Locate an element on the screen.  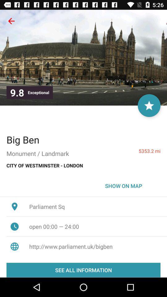
the icon next to exceptional icon is located at coordinates (149, 105).